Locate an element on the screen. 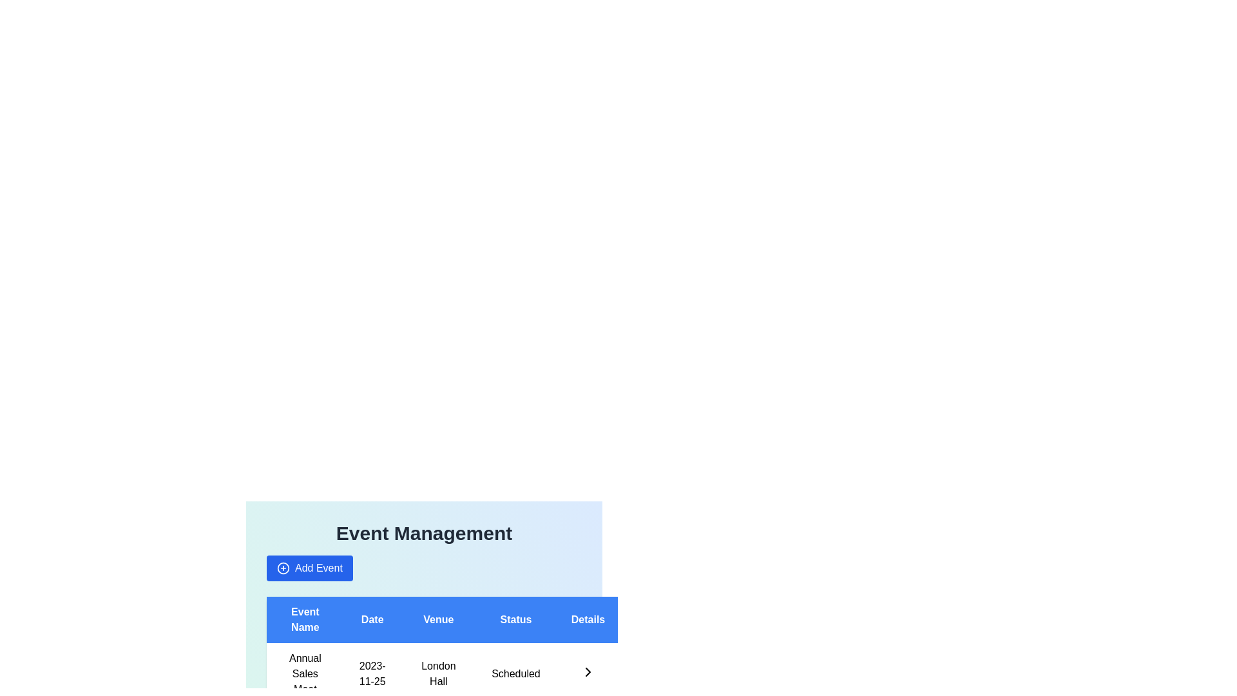  the static text label header for the 'Date' column, which is the second column header in the table, located between 'Event Name' and 'Venue' is located at coordinates (372, 619).